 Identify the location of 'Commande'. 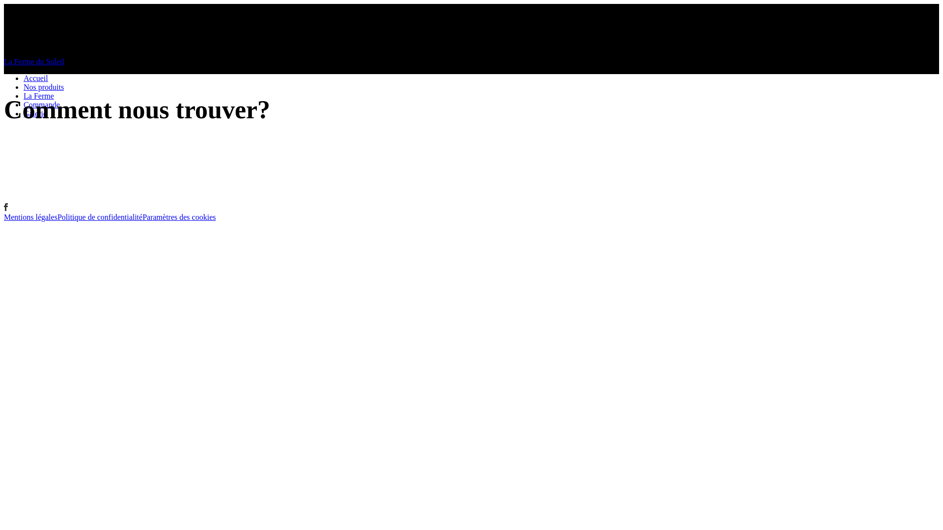
(24, 105).